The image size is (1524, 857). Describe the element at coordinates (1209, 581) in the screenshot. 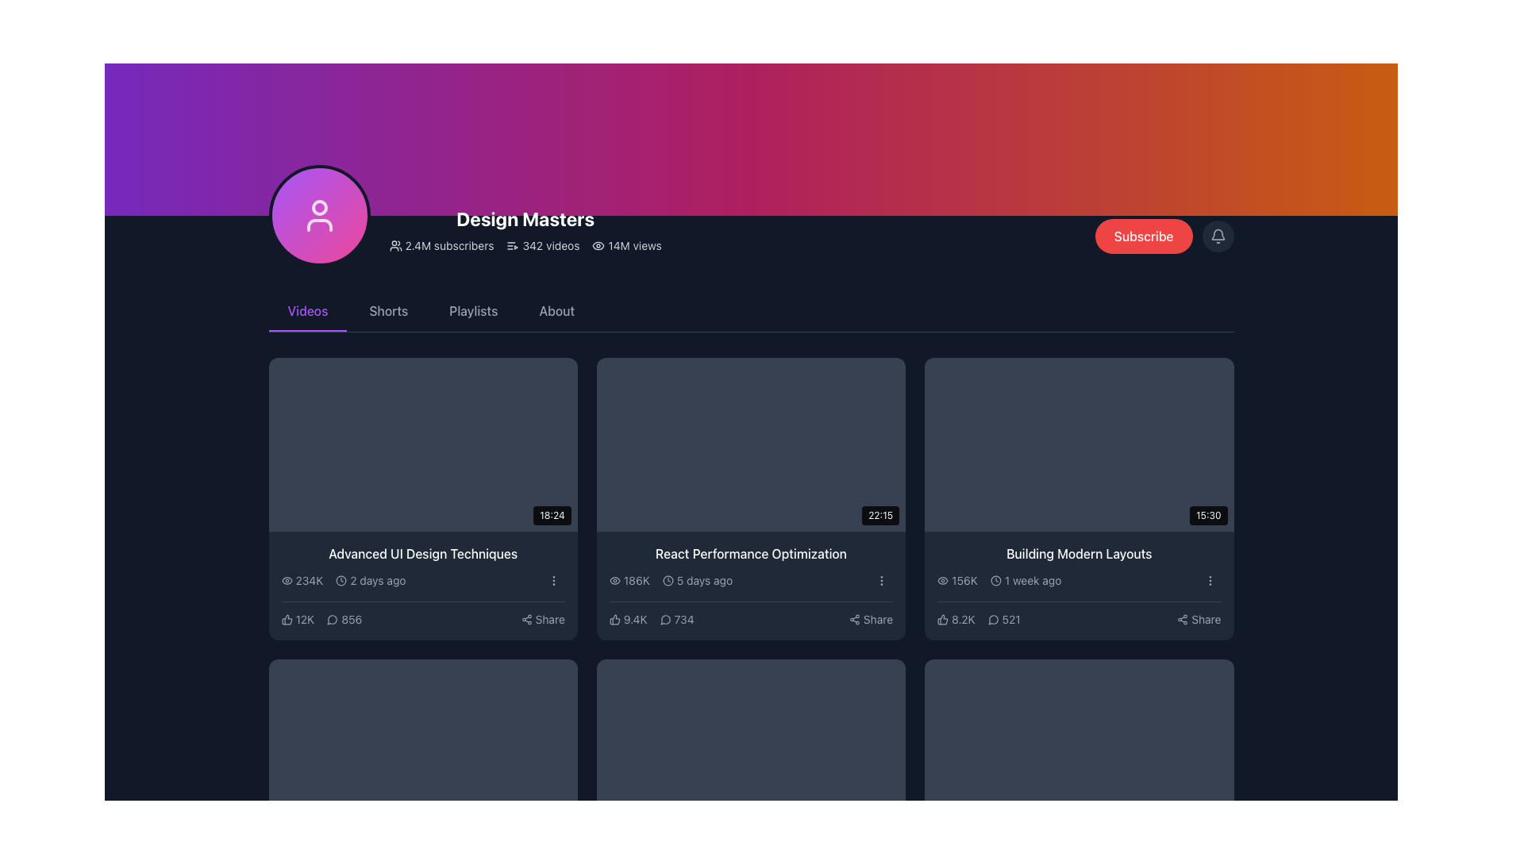

I see `the vertically aligned ellipsis icon located at the bottom-right corner of the video card interface` at that location.